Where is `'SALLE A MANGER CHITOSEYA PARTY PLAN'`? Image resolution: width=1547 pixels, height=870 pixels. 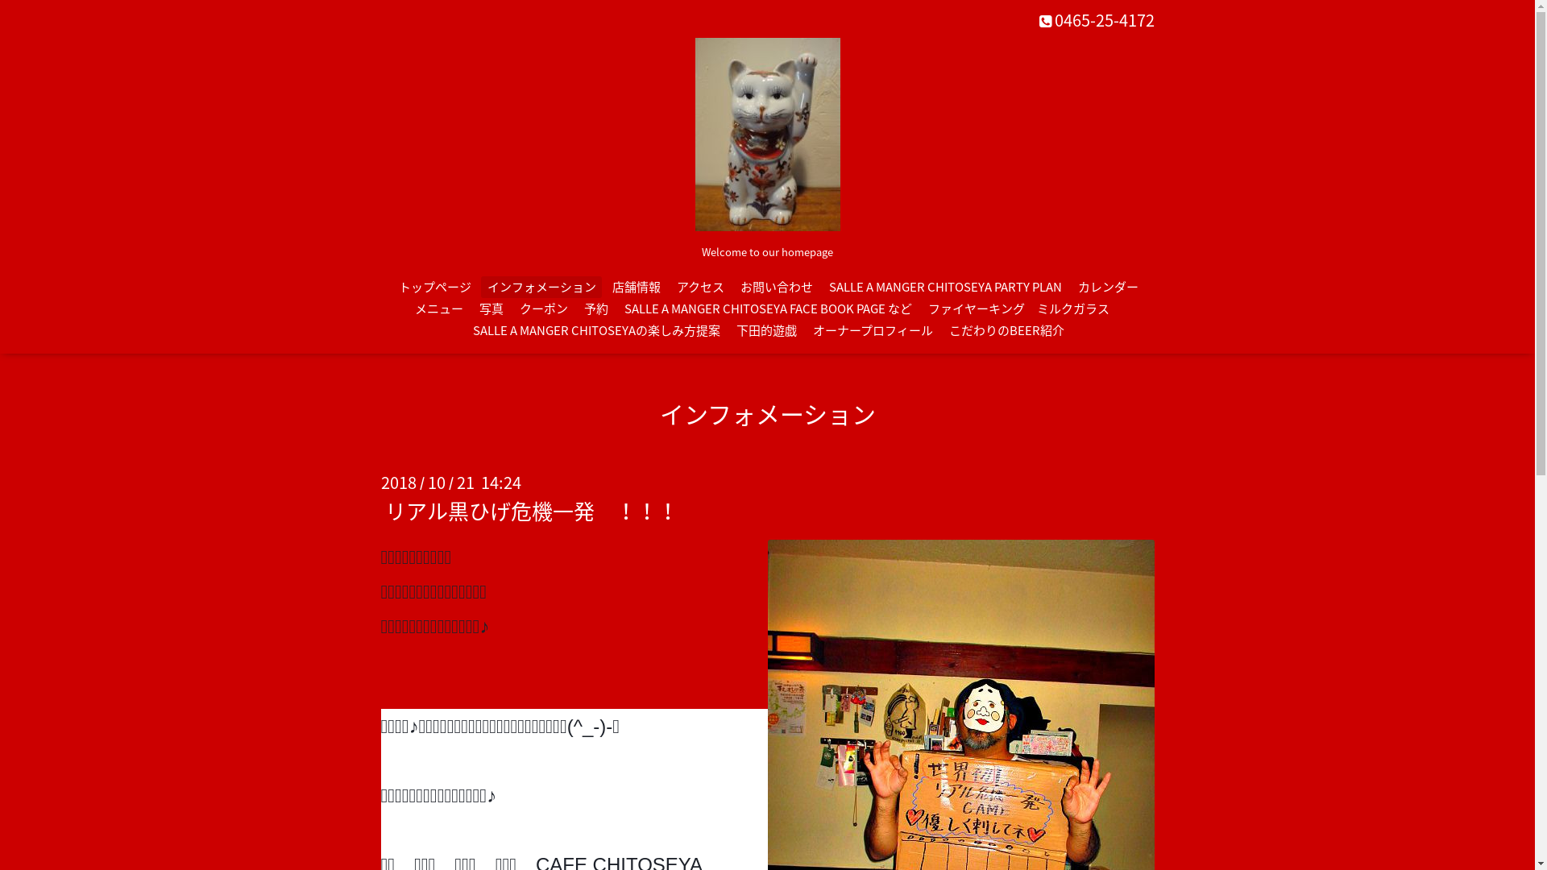
'SALLE A MANGER CHITOSEYA PARTY PLAN' is located at coordinates (944, 286).